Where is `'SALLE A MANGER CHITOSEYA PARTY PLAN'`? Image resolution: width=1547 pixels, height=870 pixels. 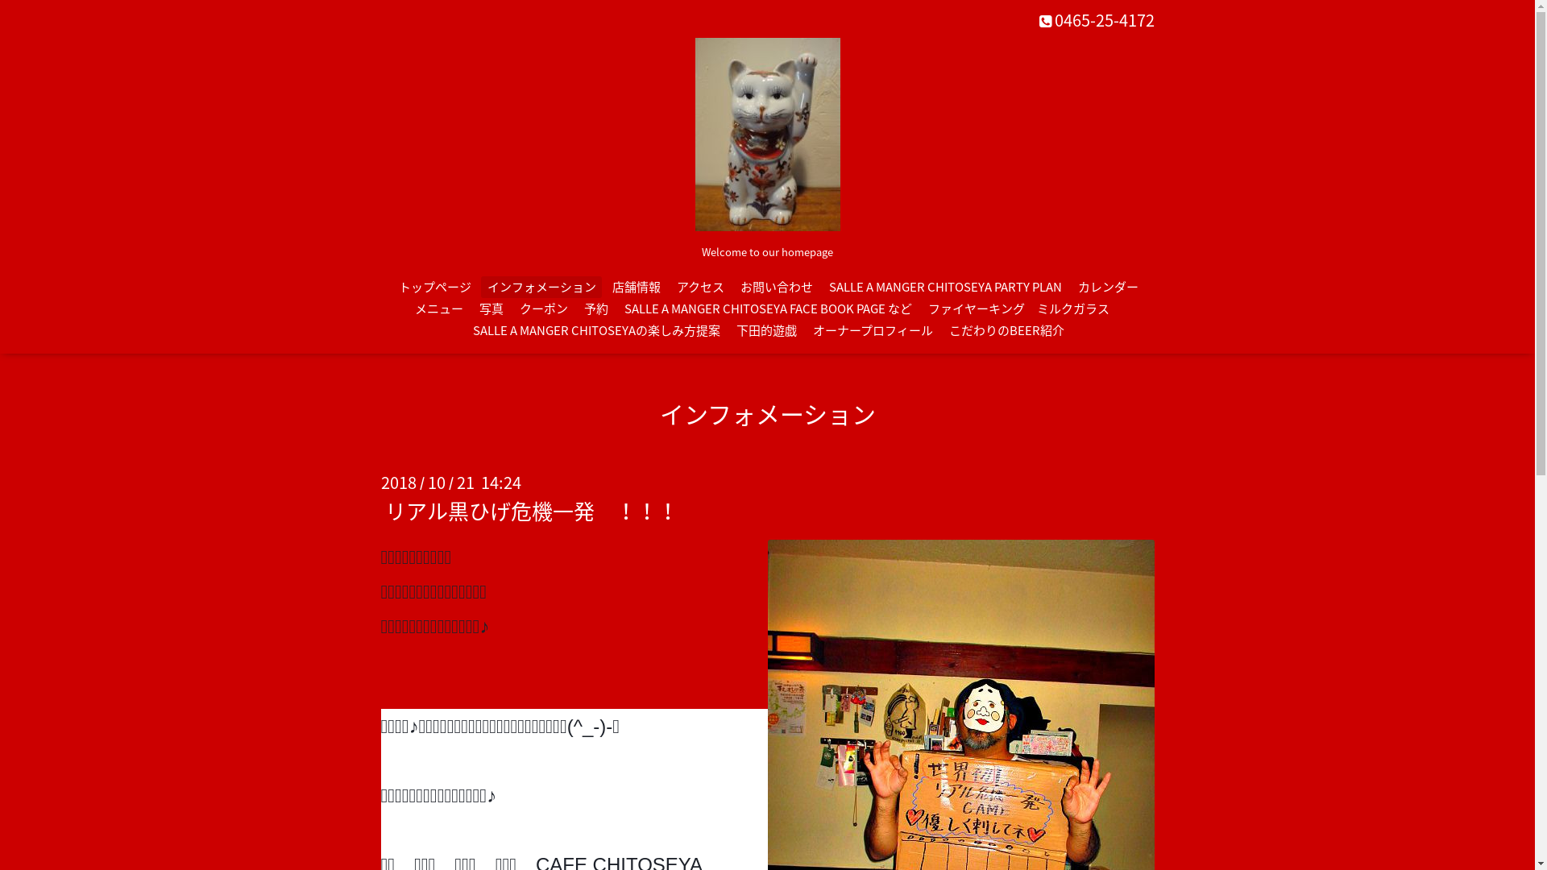
'SALLE A MANGER CHITOSEYA PARTY PLAN' is located at coordinates (944, 286).